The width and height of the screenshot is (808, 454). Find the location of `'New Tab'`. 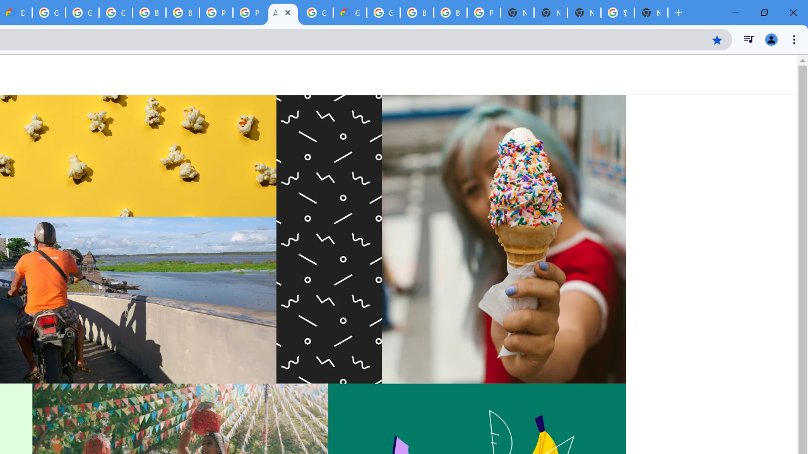

'New Tab' is located at coordinates (651, 13).